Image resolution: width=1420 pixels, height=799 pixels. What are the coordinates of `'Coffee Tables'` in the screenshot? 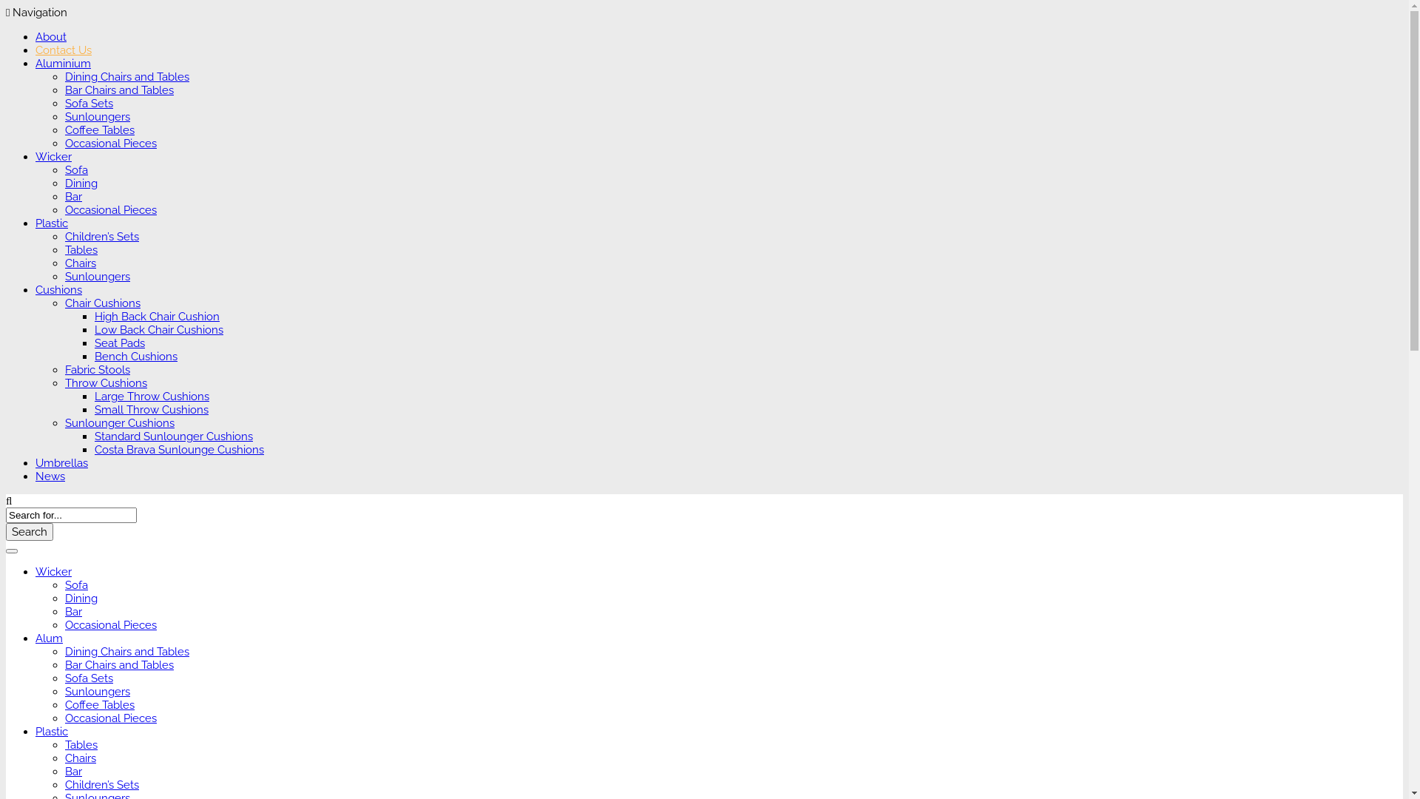 It's located at (98, 704).